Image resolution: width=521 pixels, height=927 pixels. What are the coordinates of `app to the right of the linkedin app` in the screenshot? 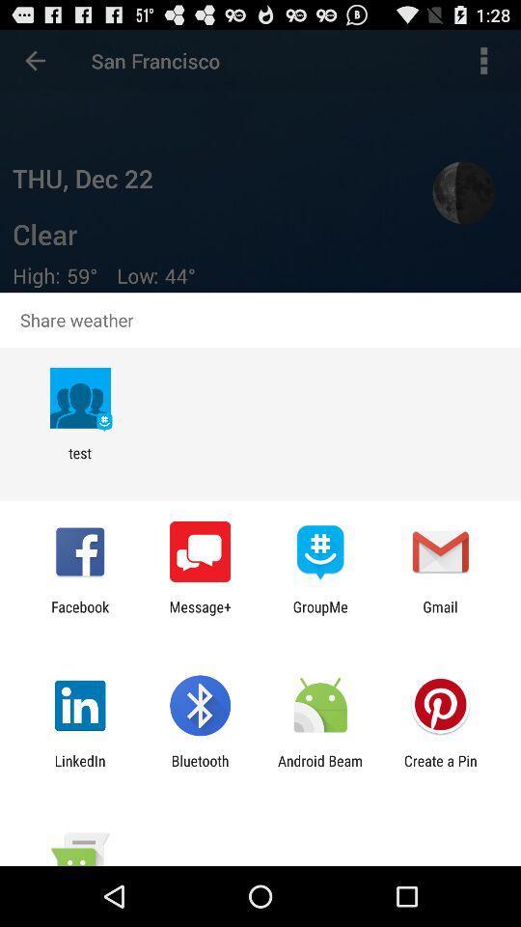 It's located at (199, 769).